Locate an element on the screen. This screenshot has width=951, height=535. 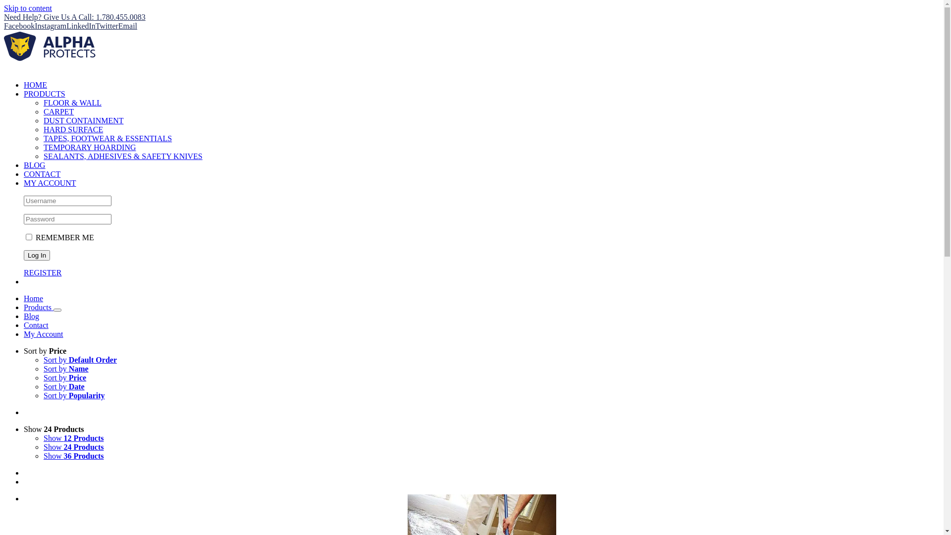
'Sort by Date' is located at coordinates (63, 386).